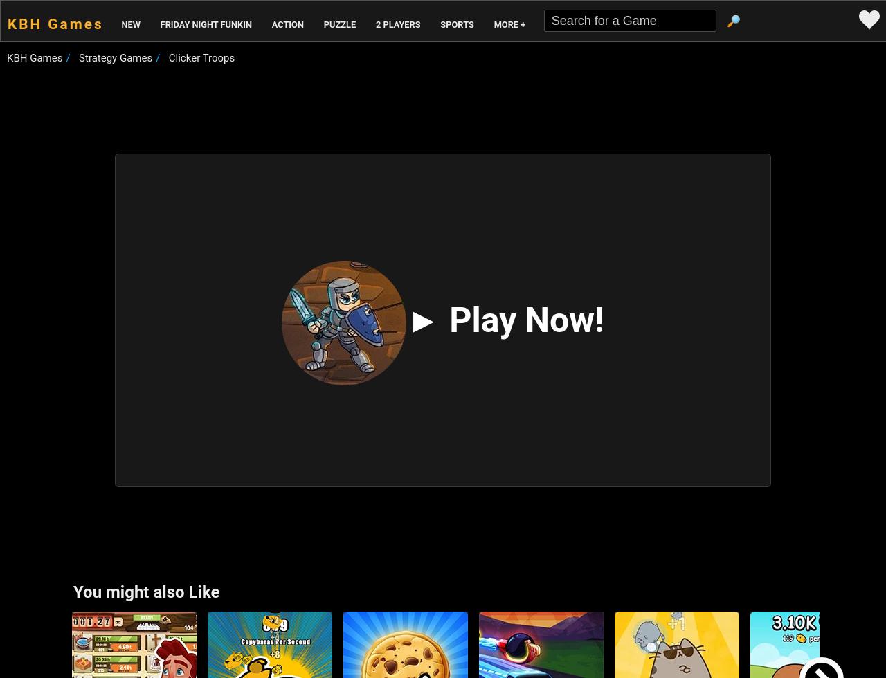  Describe the element at coordinates (200, 57) in the screenshot. I see `'Clicker Troops'` at that location.